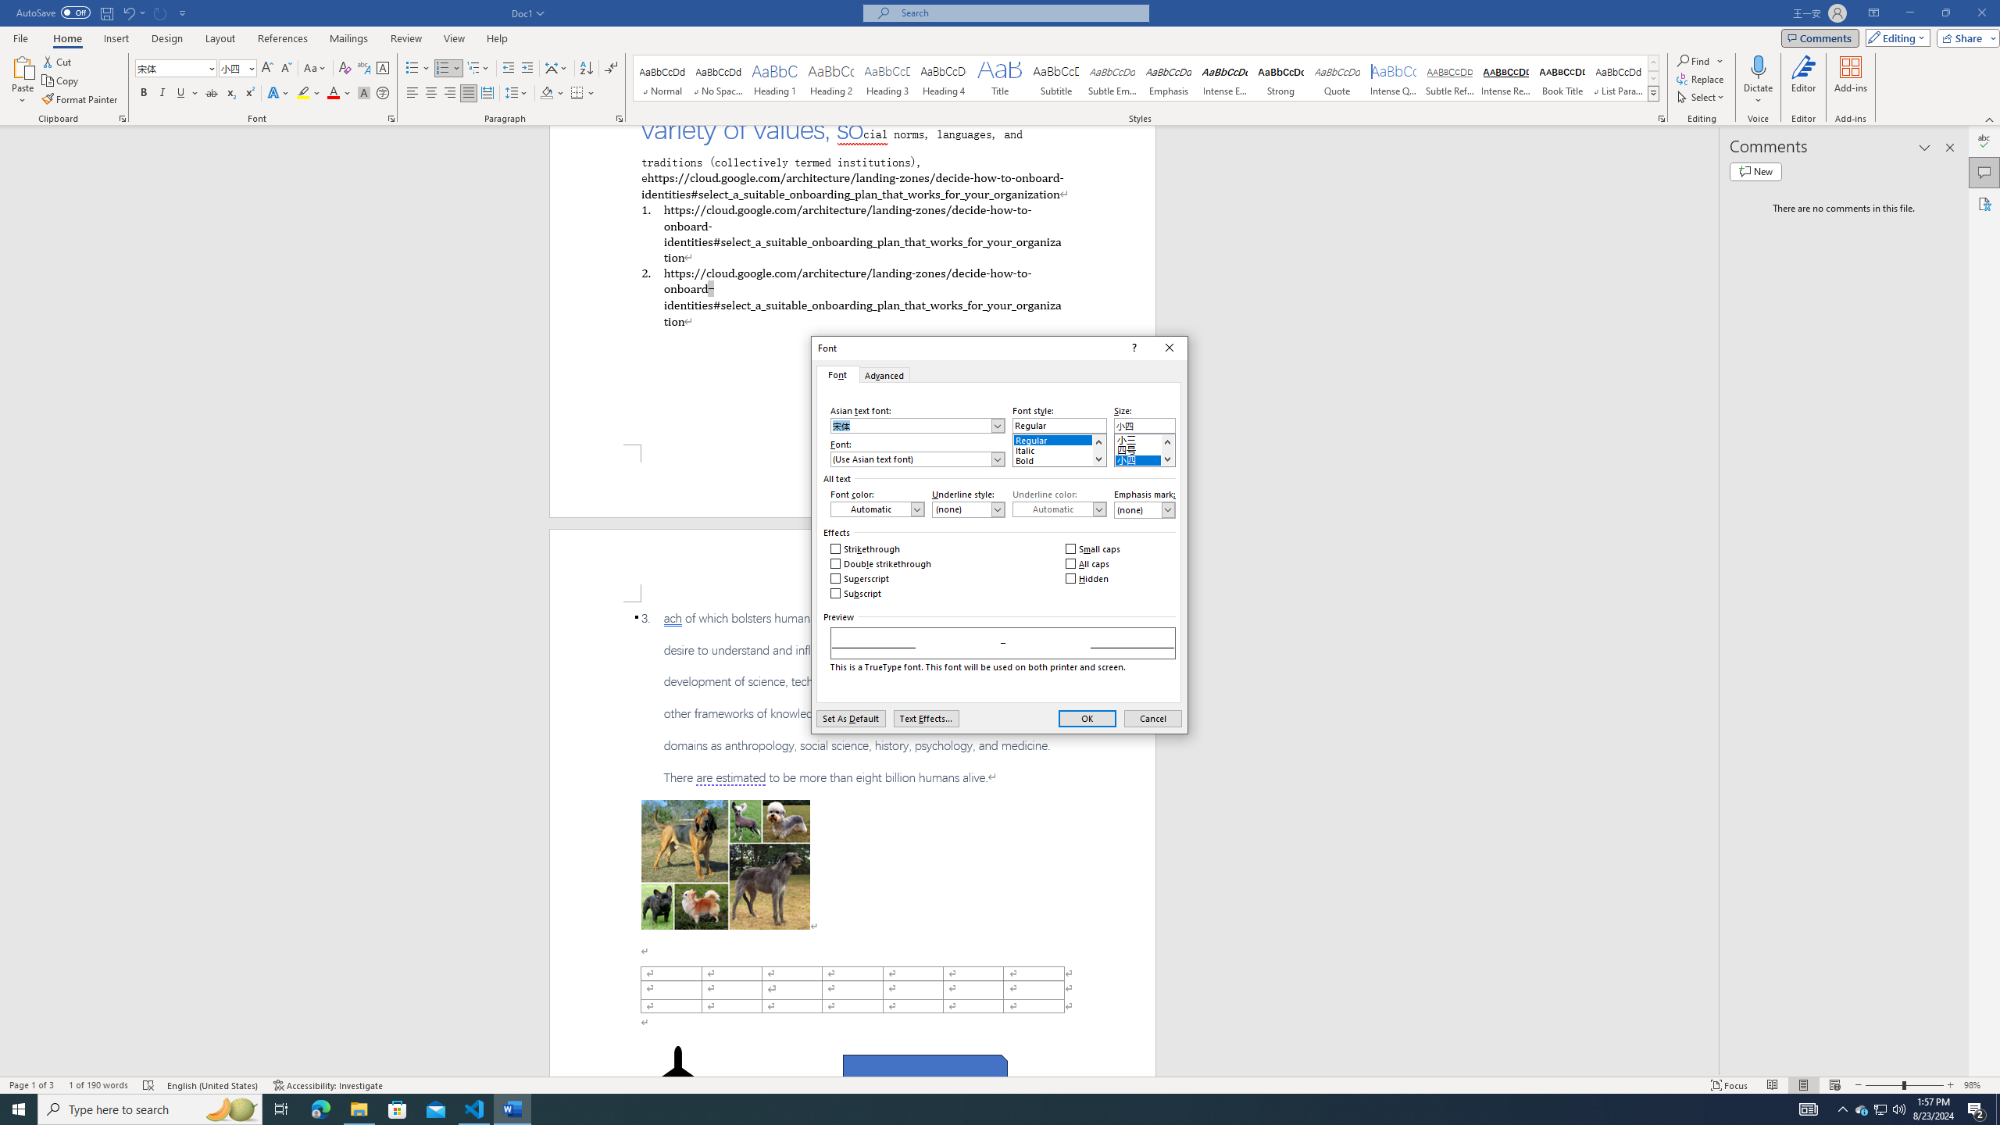 The image size is (2000, 1125). Describe the element at coordinates (1803, 1085) in the screenshot. I see `'Print Layout'` at that location.